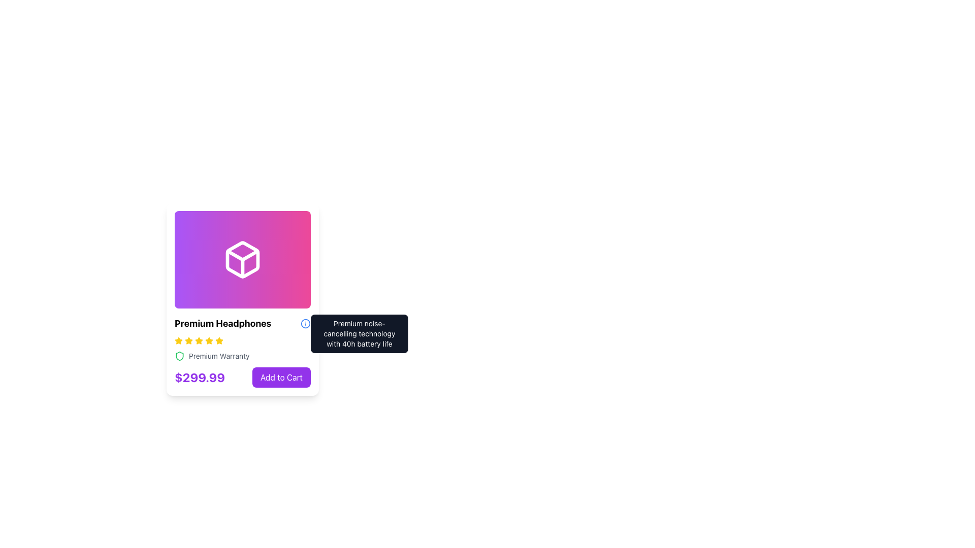 The image size is (975, 548). What do you see at coordinates (242, 258) in the screenshot?
I see `the decorative icon inside the square region at the top of the 'Premium Headphones' card` at bounding box center [242, 258].